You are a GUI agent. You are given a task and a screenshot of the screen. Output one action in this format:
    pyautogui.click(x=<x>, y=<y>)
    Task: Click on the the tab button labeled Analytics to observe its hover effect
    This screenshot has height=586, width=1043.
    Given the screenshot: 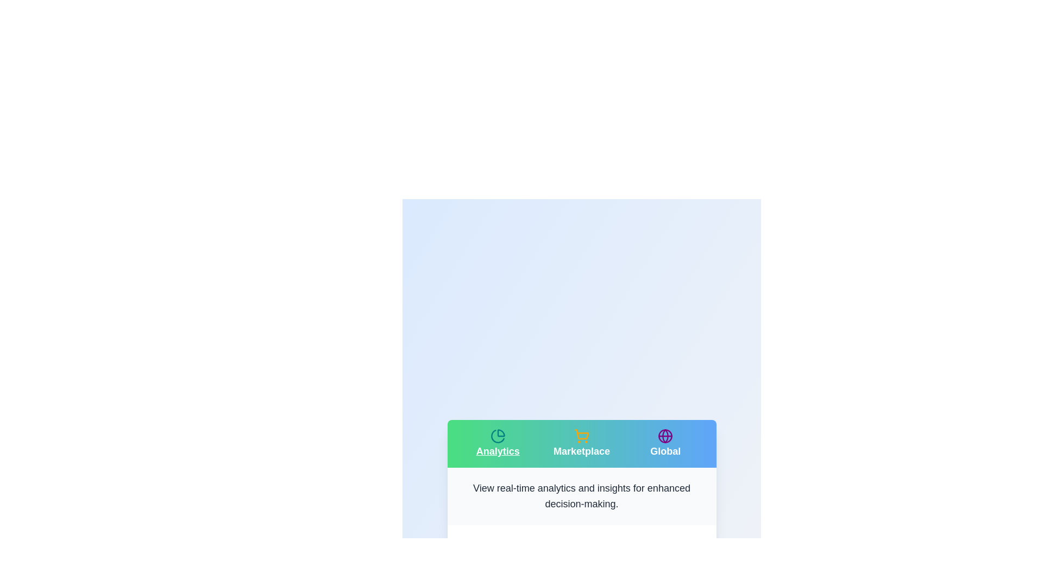 What is the action you would take?
    pyautogui.click(x=497, y=443)
    